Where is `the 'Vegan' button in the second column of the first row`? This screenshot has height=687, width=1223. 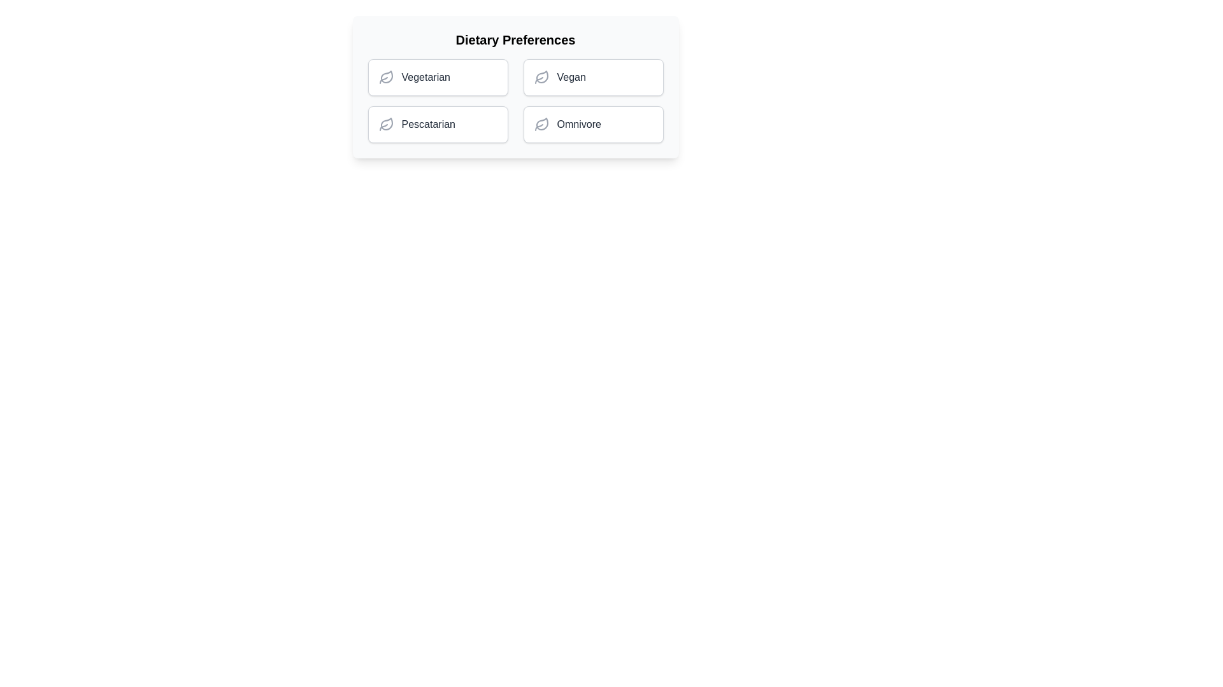
the 'Vegan' button in the second column of the first row is located at coordinates (592, 78).